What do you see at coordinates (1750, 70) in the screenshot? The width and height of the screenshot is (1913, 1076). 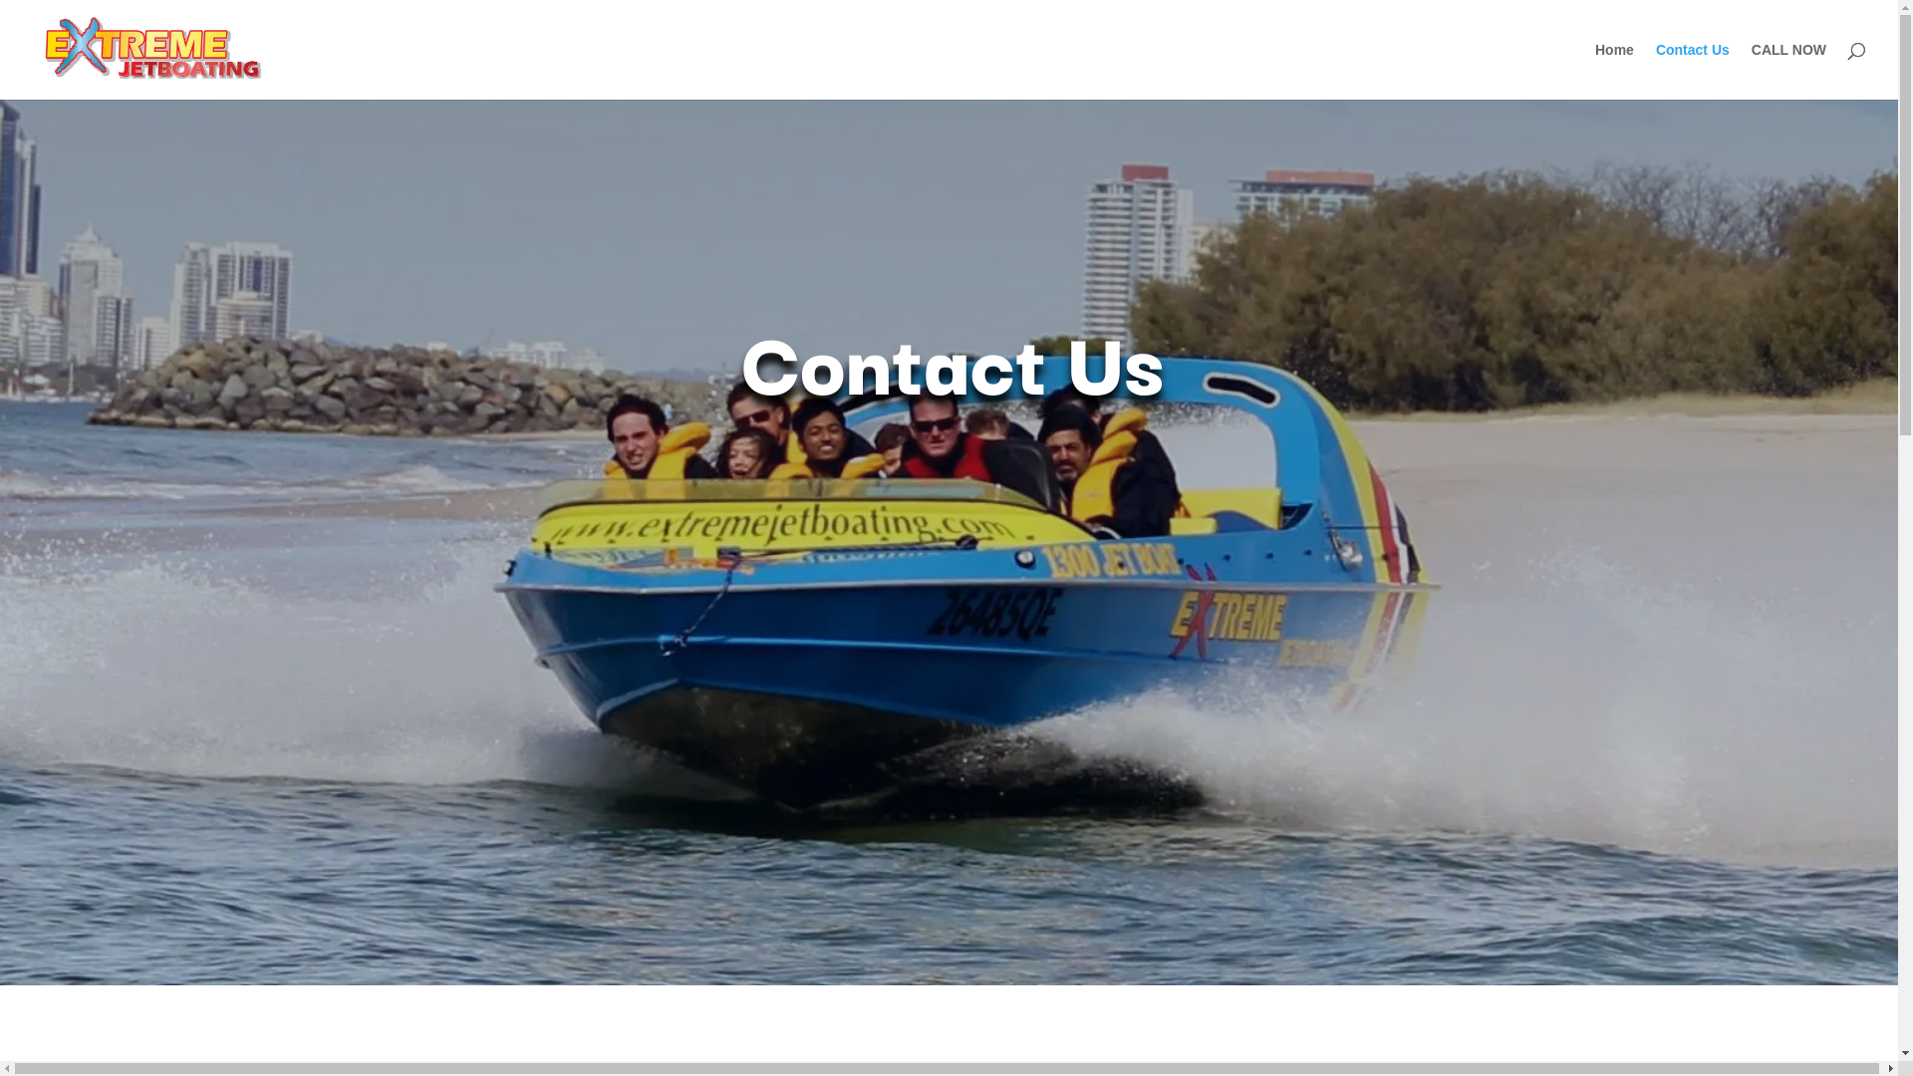 I see `'CALL NOW'` at bounding box center [1750, 70].